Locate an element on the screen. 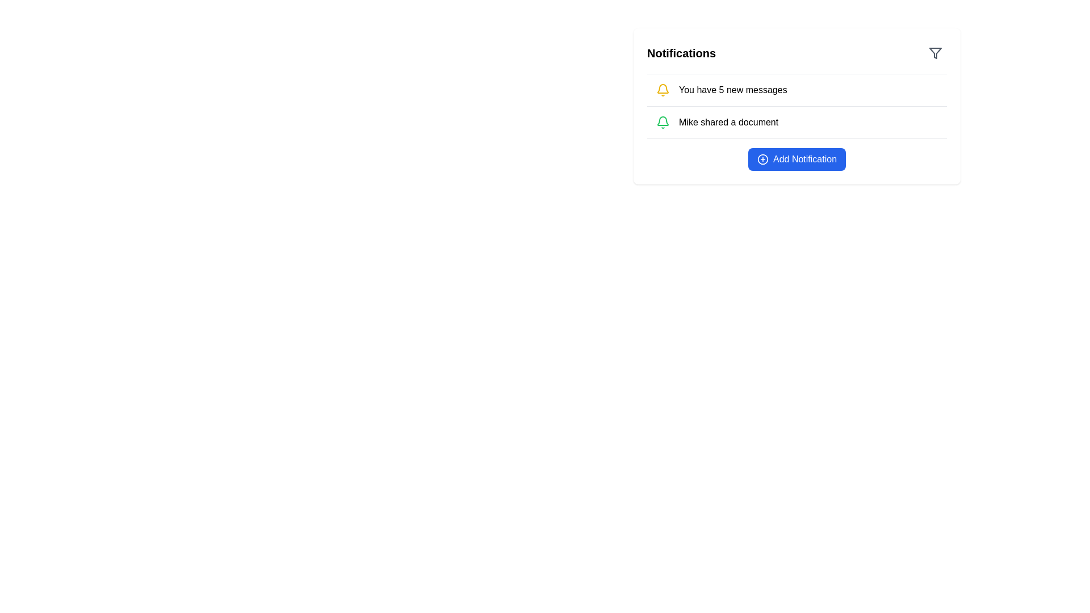  'Add Notification' icon visually, which is the first and only icon within the button labeled 'Add Notification', located centrally towards the bottom of the notification section is located at coordinates (763, 159).